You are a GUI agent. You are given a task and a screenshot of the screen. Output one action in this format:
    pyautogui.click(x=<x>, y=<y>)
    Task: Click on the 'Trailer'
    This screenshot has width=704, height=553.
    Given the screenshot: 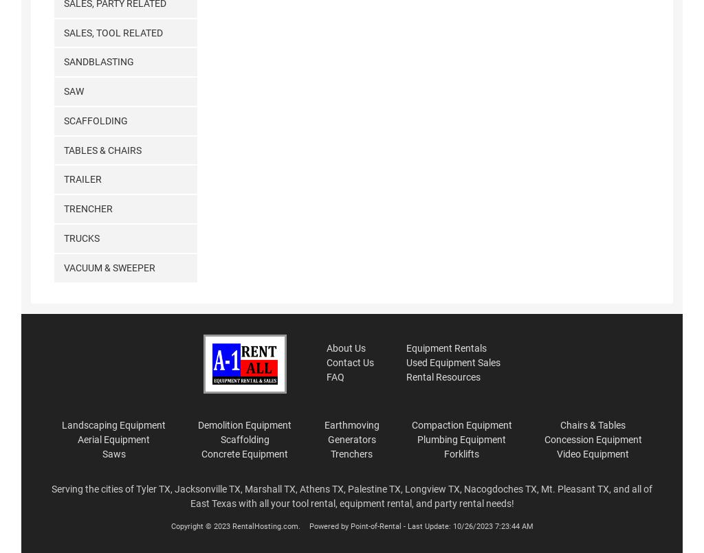 What is the action you would take?
    pyautogui.click(x=82, y=179)
    